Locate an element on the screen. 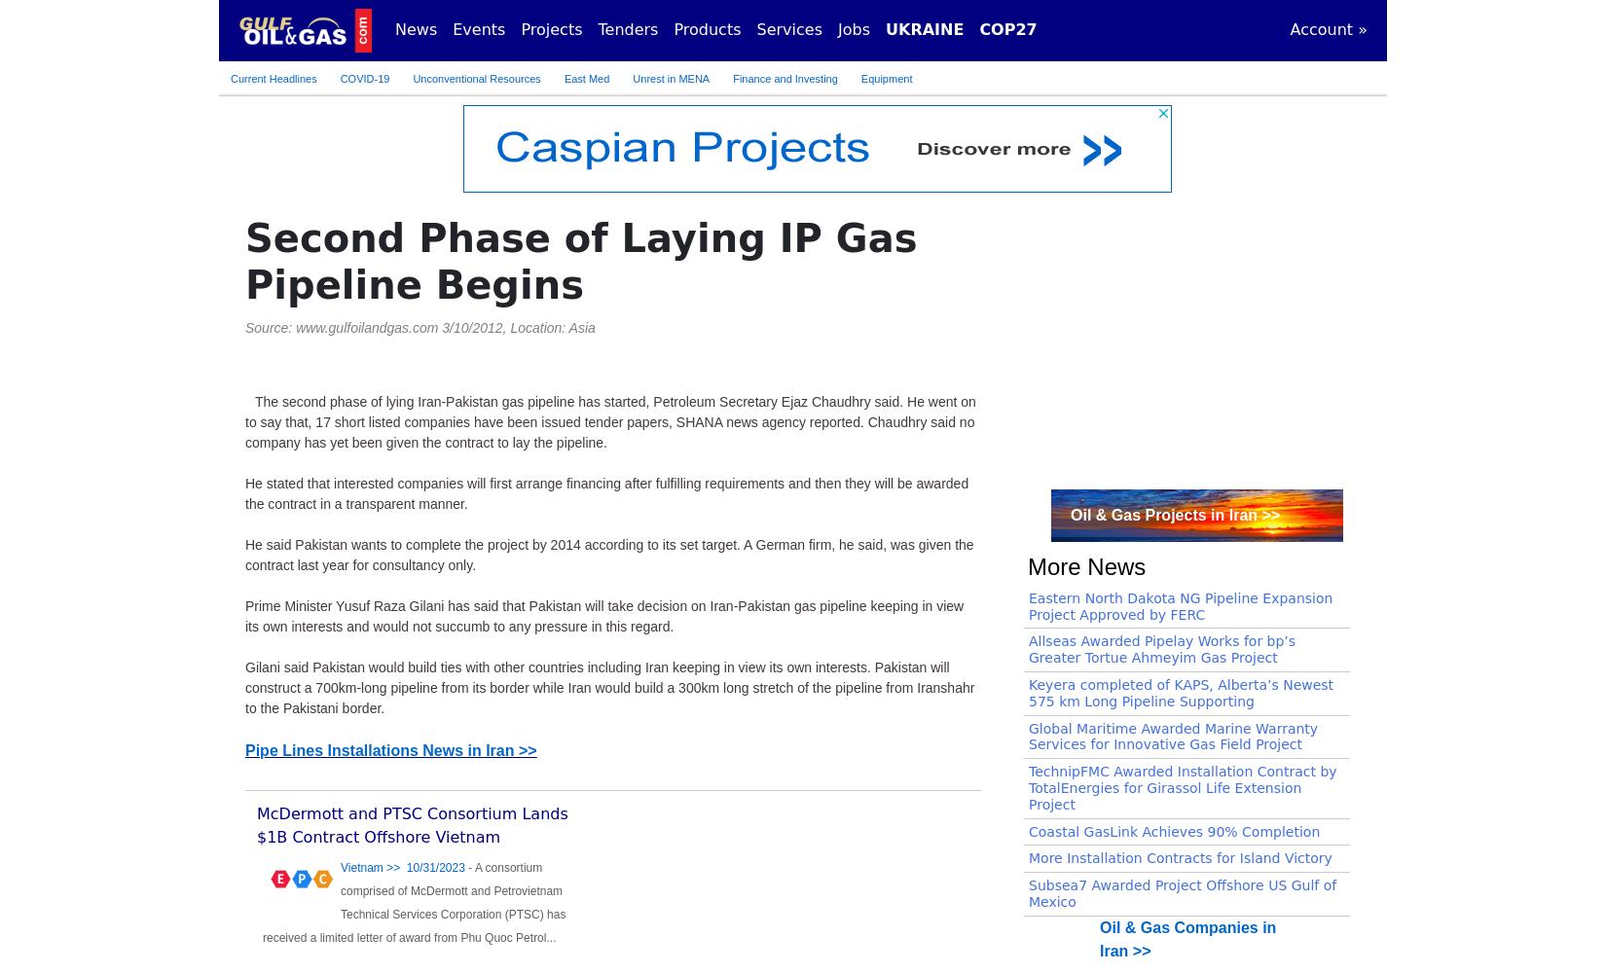 The height and width of the screenshot is (973, 1606). 'Products' is located at coordinates (706, 29).